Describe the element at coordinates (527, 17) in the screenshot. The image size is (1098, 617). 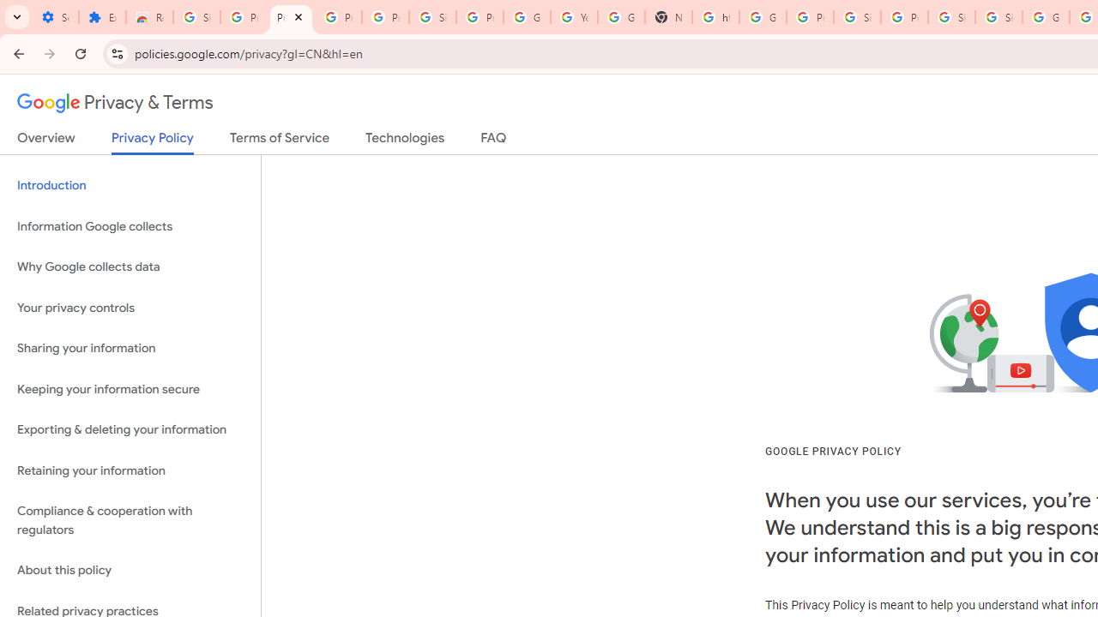
I see `'Google Account'` at that location.